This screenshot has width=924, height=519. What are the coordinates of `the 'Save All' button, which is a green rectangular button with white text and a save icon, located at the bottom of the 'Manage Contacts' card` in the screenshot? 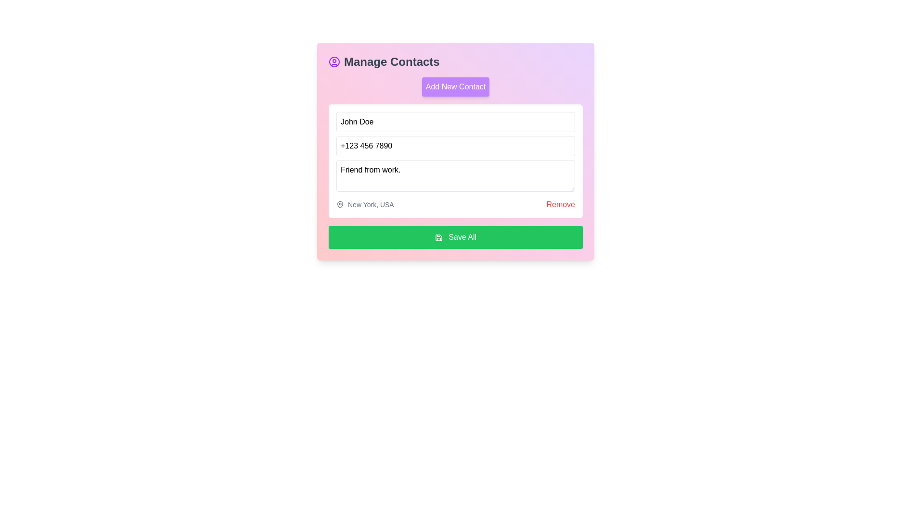 It's located at (455, 237).